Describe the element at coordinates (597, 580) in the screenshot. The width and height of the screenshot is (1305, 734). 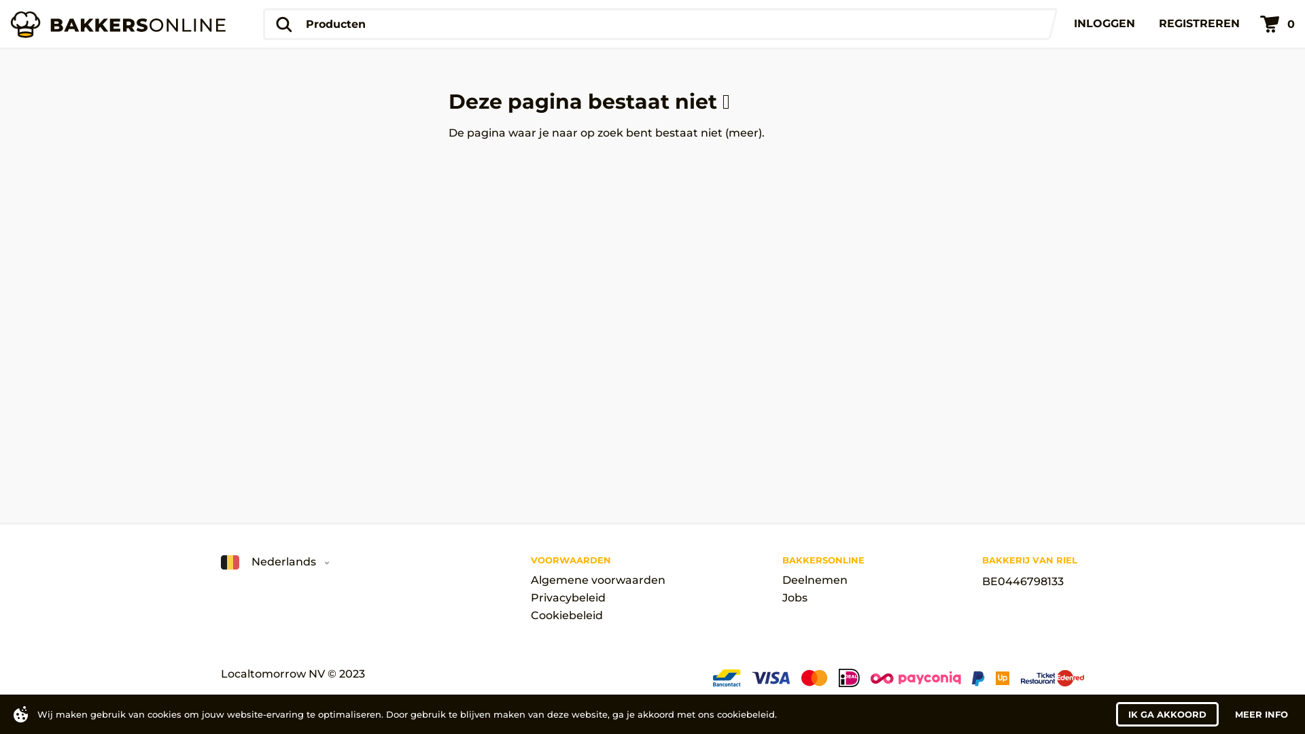
I see `'Algemene voorwaarden'` at that location.